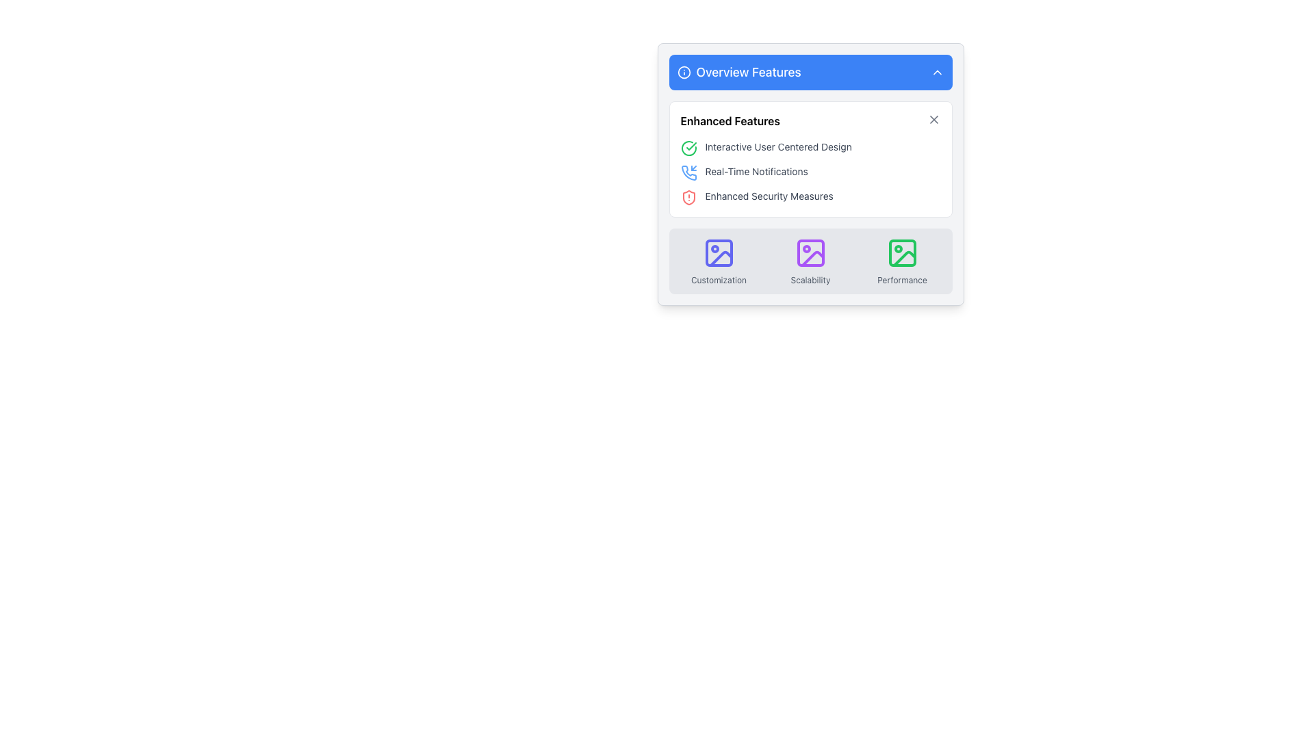  Describe the element at coordinates (688, 172) in the screenshot. I see `the incoming phone call icon located in the 'Enhanced Features' section, positioned left of the 'Real-Time Notifications' text` at that location.